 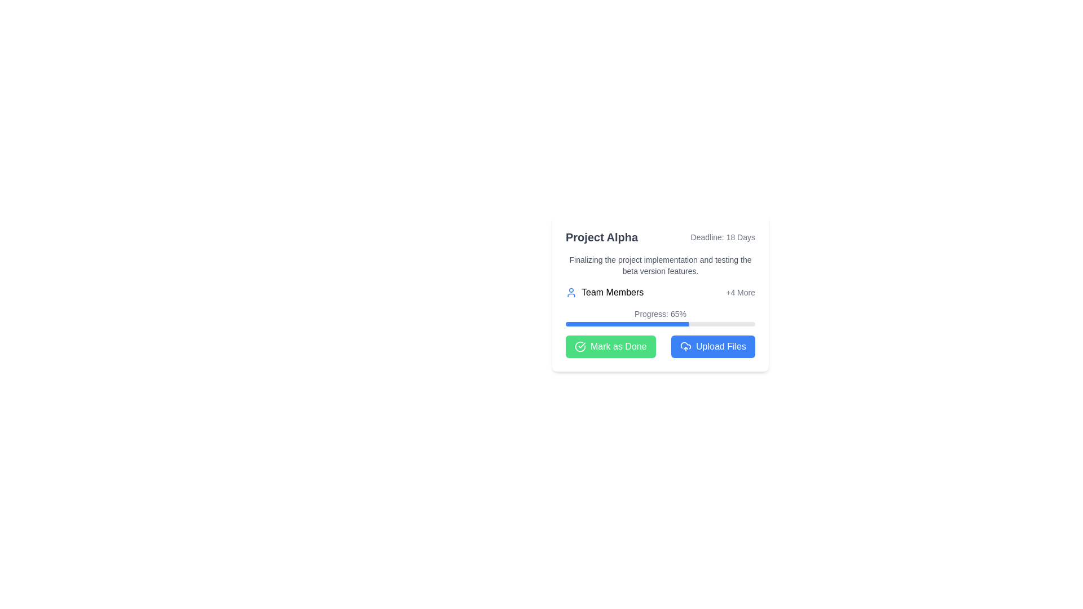 I want to click on the 'Team Members' text element, so click(x=612, y=292).